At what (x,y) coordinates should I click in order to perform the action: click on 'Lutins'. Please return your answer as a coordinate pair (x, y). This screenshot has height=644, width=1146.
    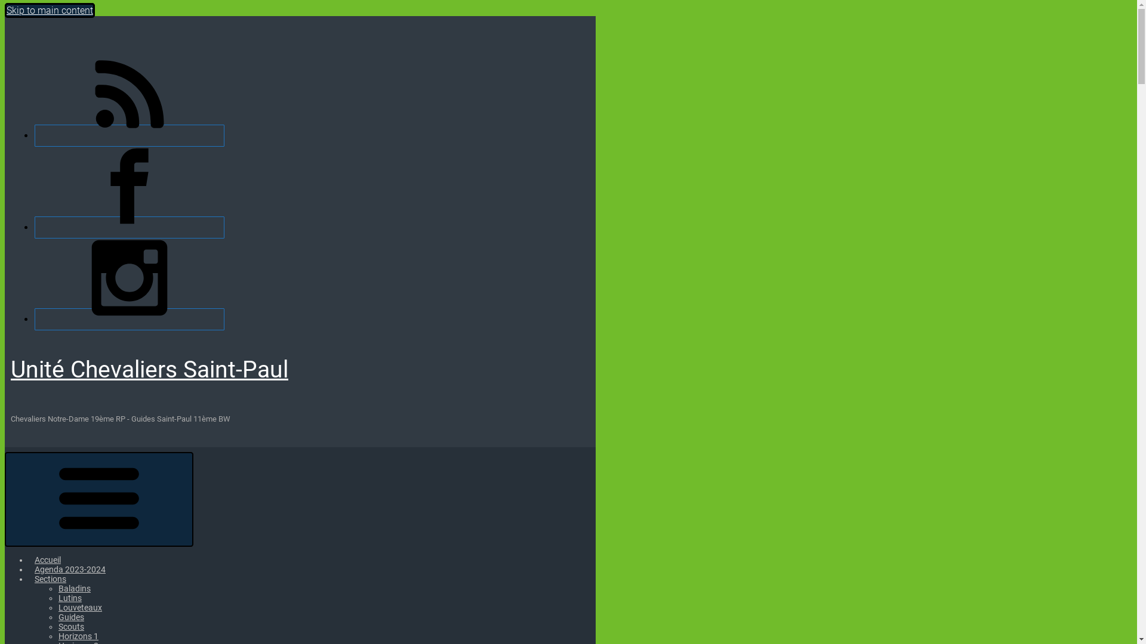
    Looking at the image, I should click on (57, 597).